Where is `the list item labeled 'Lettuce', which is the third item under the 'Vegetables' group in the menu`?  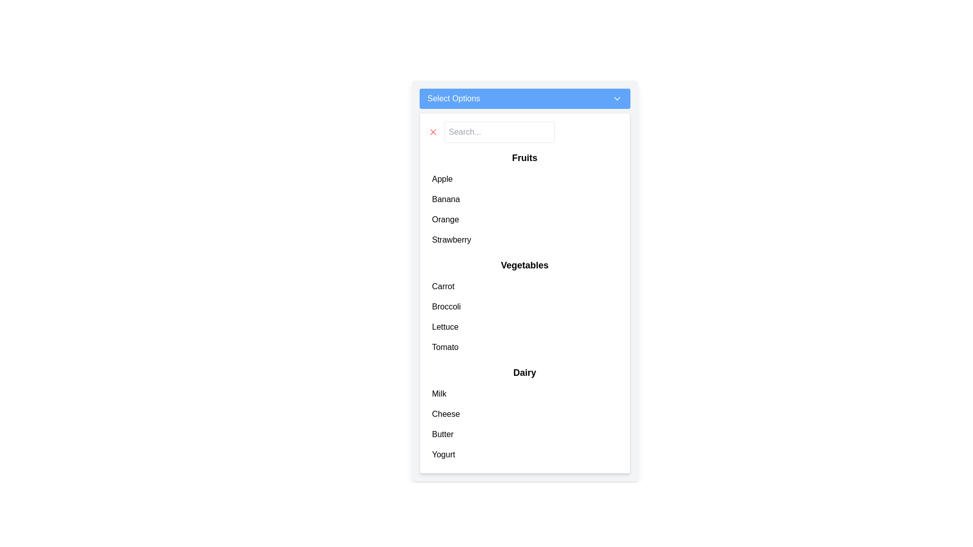 the list item labeled 'Lettuce', which is the third item under the 'Vegetables' group in the menu is located at coordinates (525, 327).